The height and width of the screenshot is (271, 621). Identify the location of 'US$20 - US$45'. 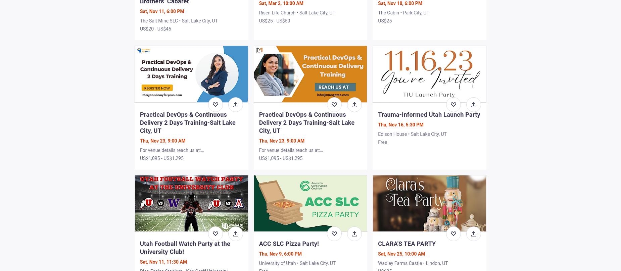
(155, 29).